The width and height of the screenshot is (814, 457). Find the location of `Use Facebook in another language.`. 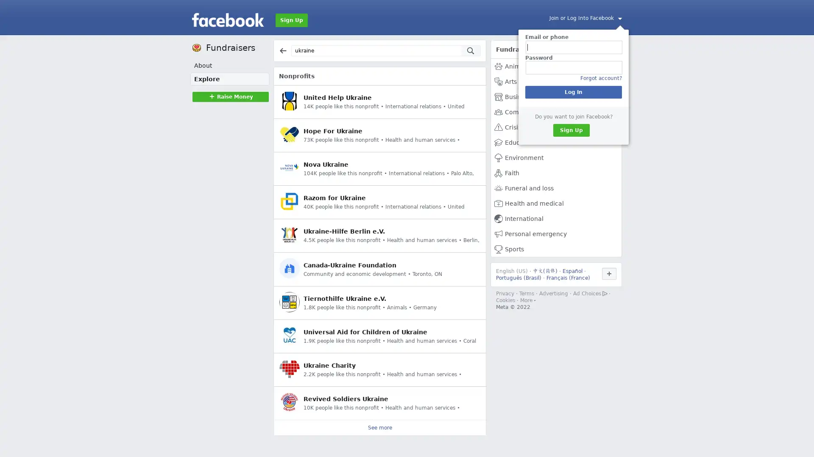

Use Facebook in another language. is located at coordinates (608, 274).